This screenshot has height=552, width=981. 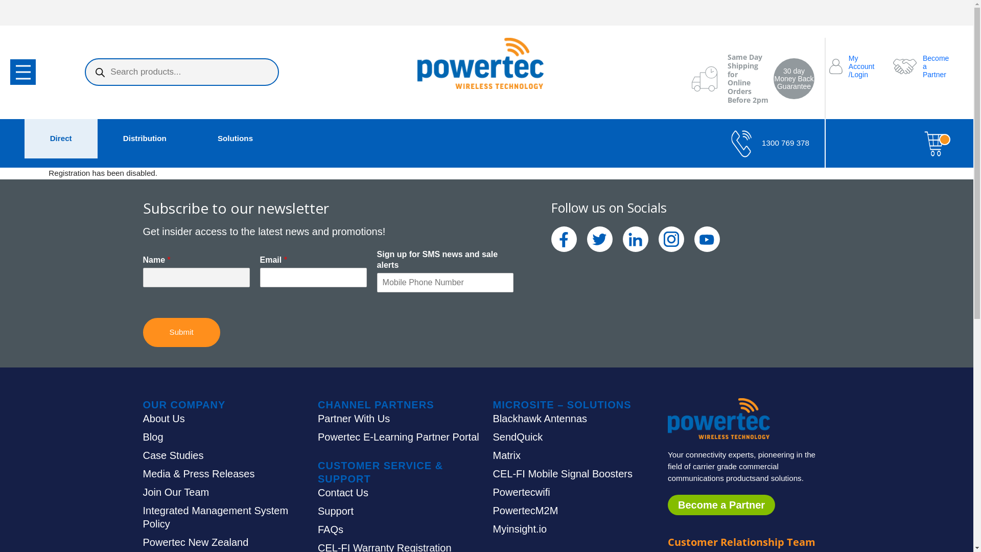 I want to click on 'PowertecM2M', so click(x=525, y=511).